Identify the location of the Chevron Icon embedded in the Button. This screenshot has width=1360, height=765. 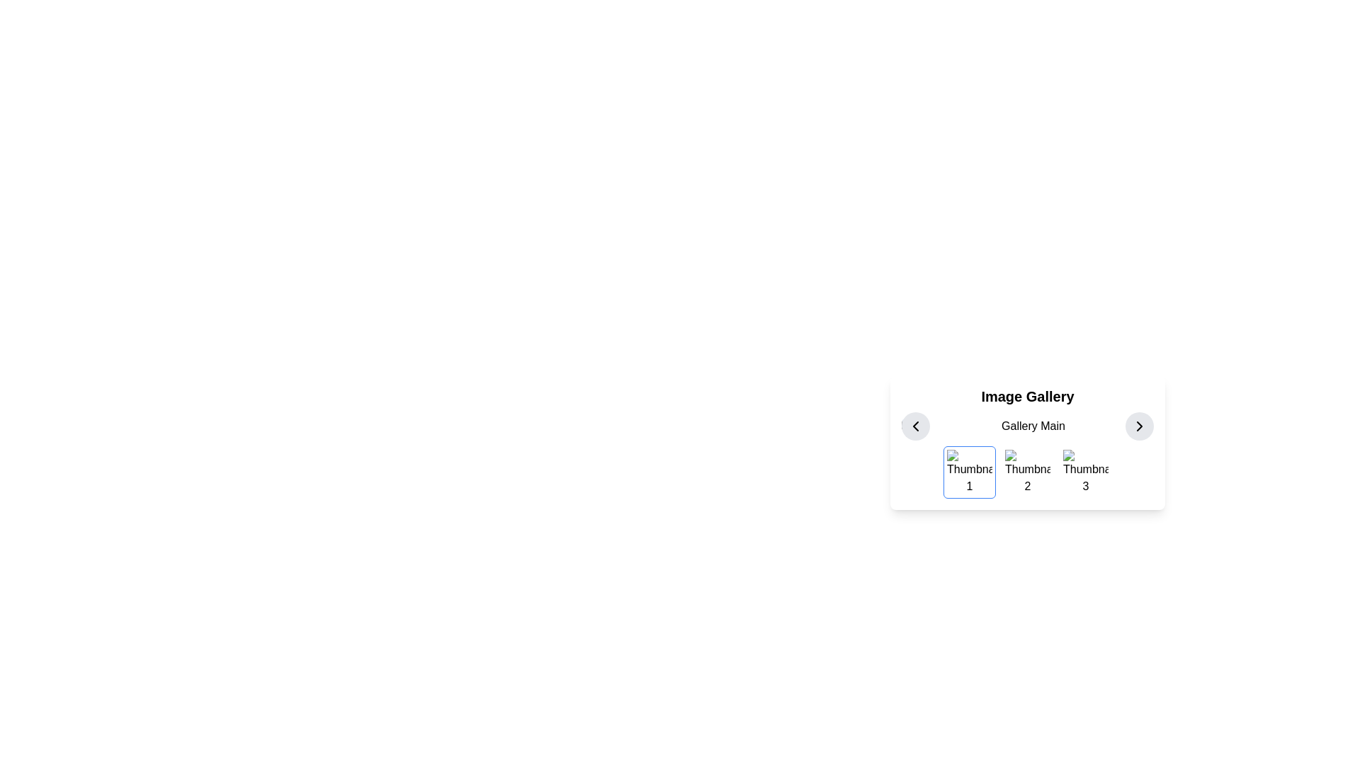
(915, 425).